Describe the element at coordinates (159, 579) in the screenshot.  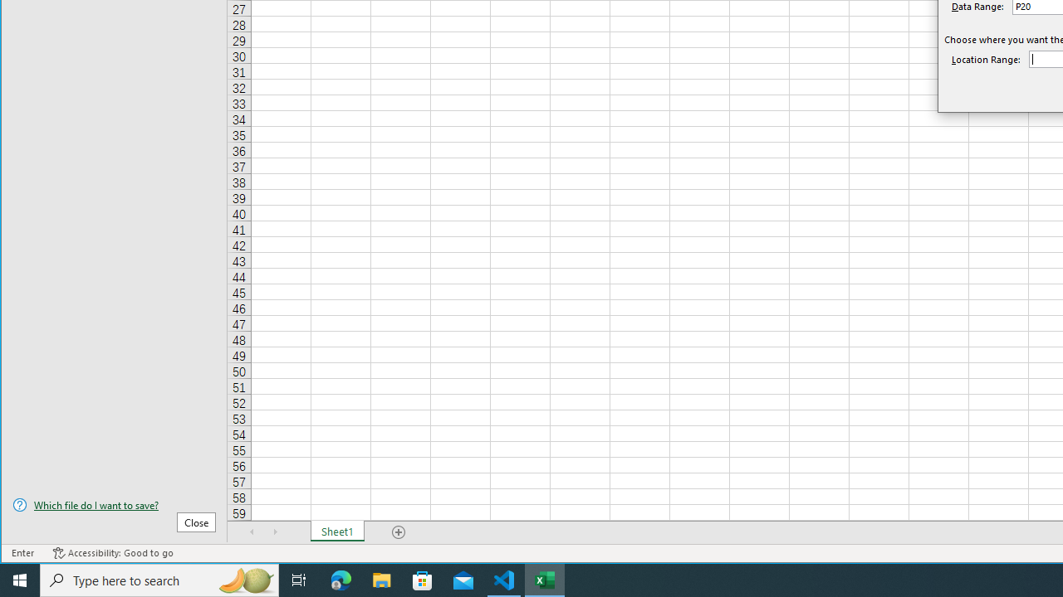
I see `'Type here to search'` at that location.